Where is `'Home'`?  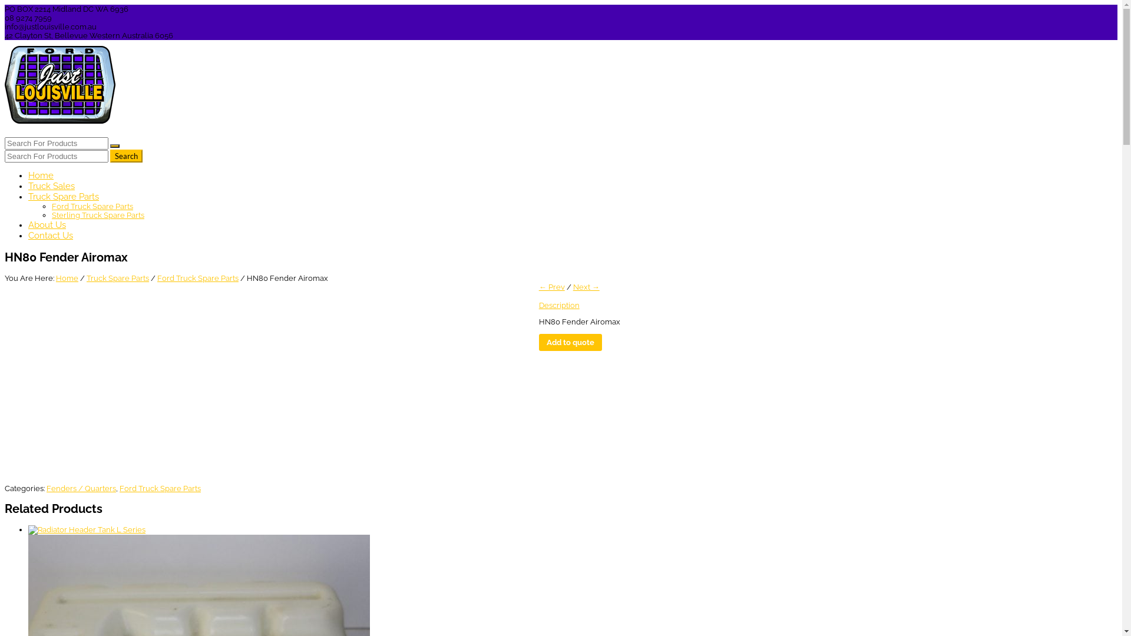
'Home' is located at coordinates (41, 175).